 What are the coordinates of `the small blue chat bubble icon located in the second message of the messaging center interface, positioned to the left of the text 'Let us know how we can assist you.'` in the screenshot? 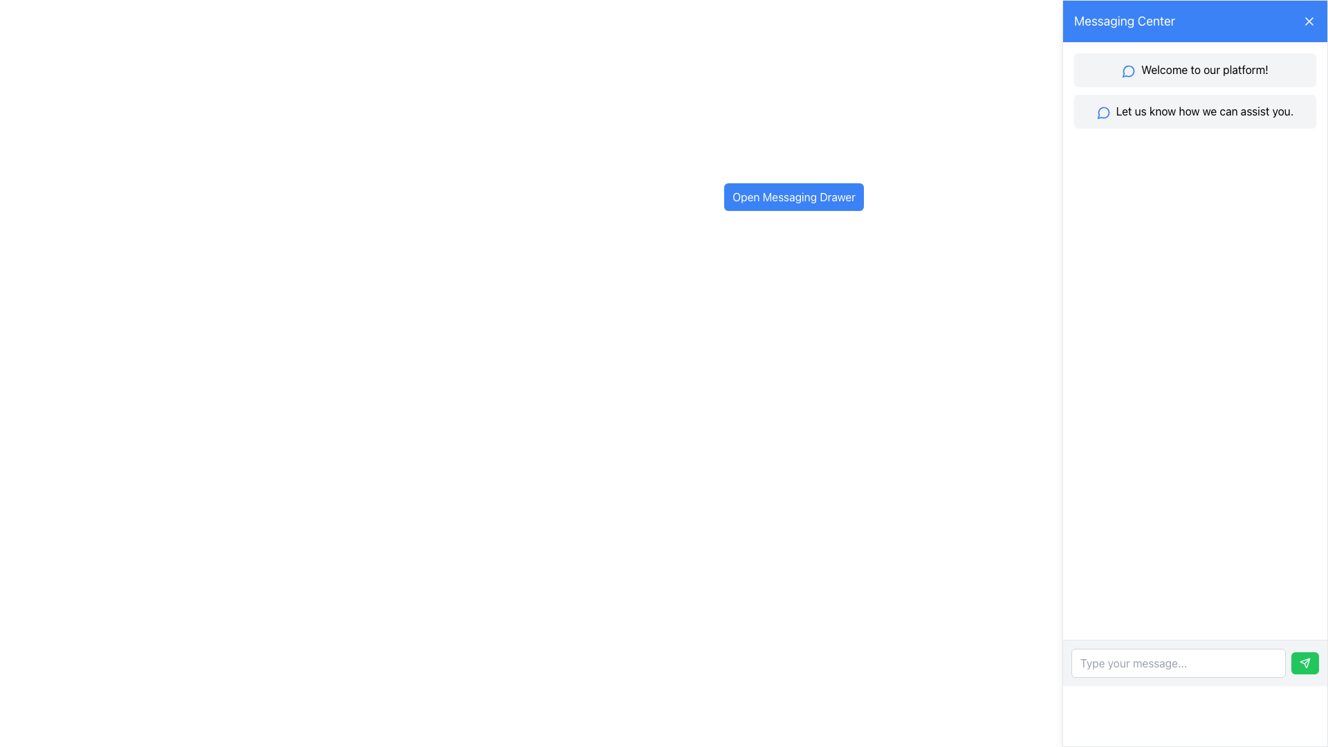 It's located at (1103, 112).